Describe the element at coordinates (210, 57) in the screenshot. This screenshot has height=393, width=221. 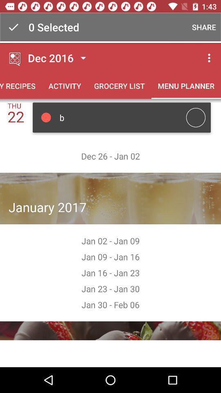
I see `the three dots button above the tab menu planner on the web page` at that location.